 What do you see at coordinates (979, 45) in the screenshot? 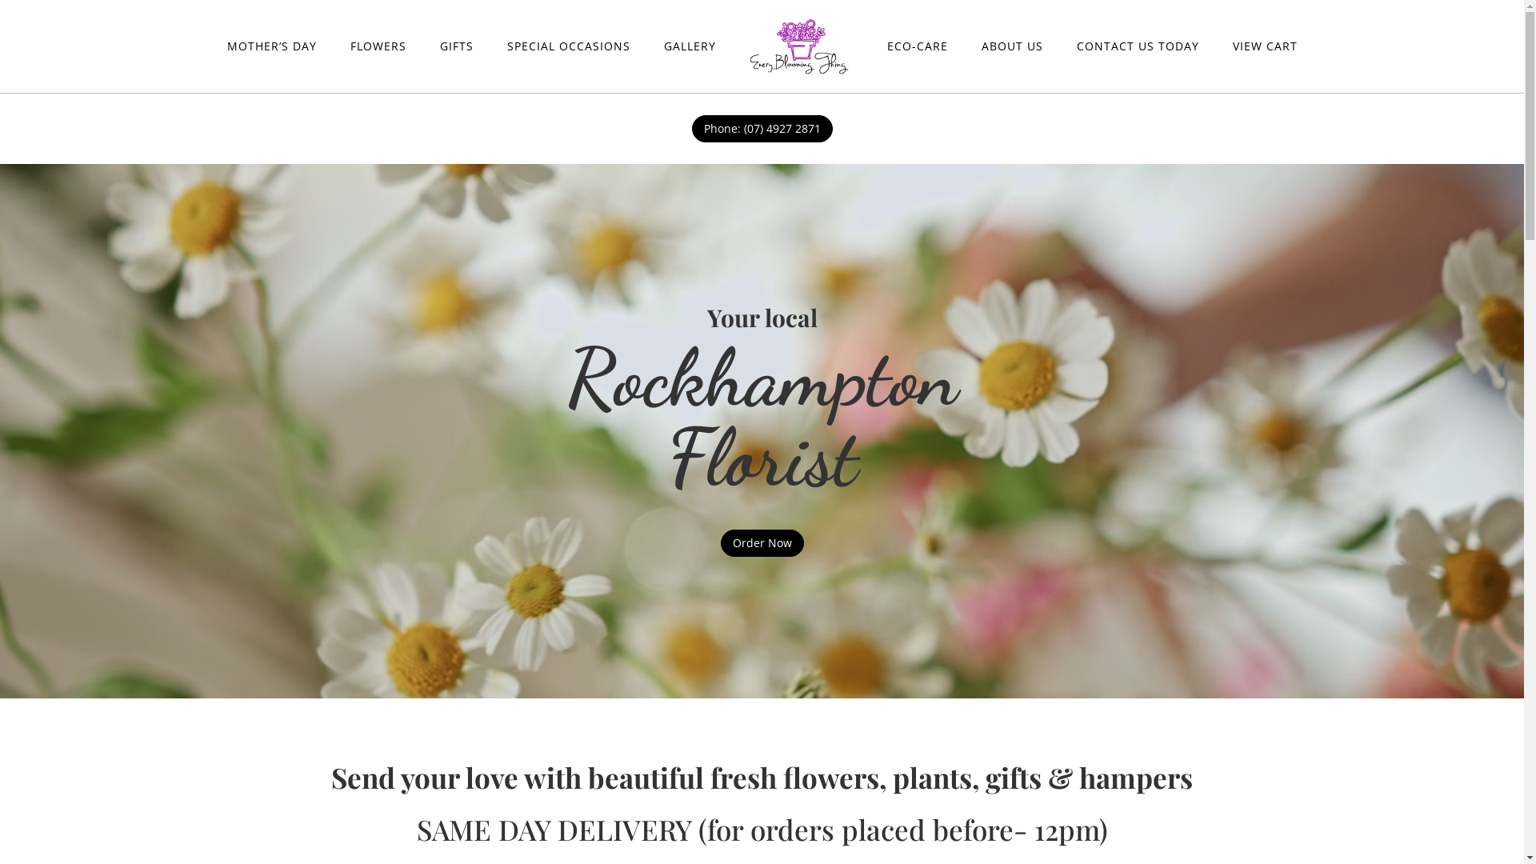
I see `'ABOUT US'` at bounding box center [979, 45].